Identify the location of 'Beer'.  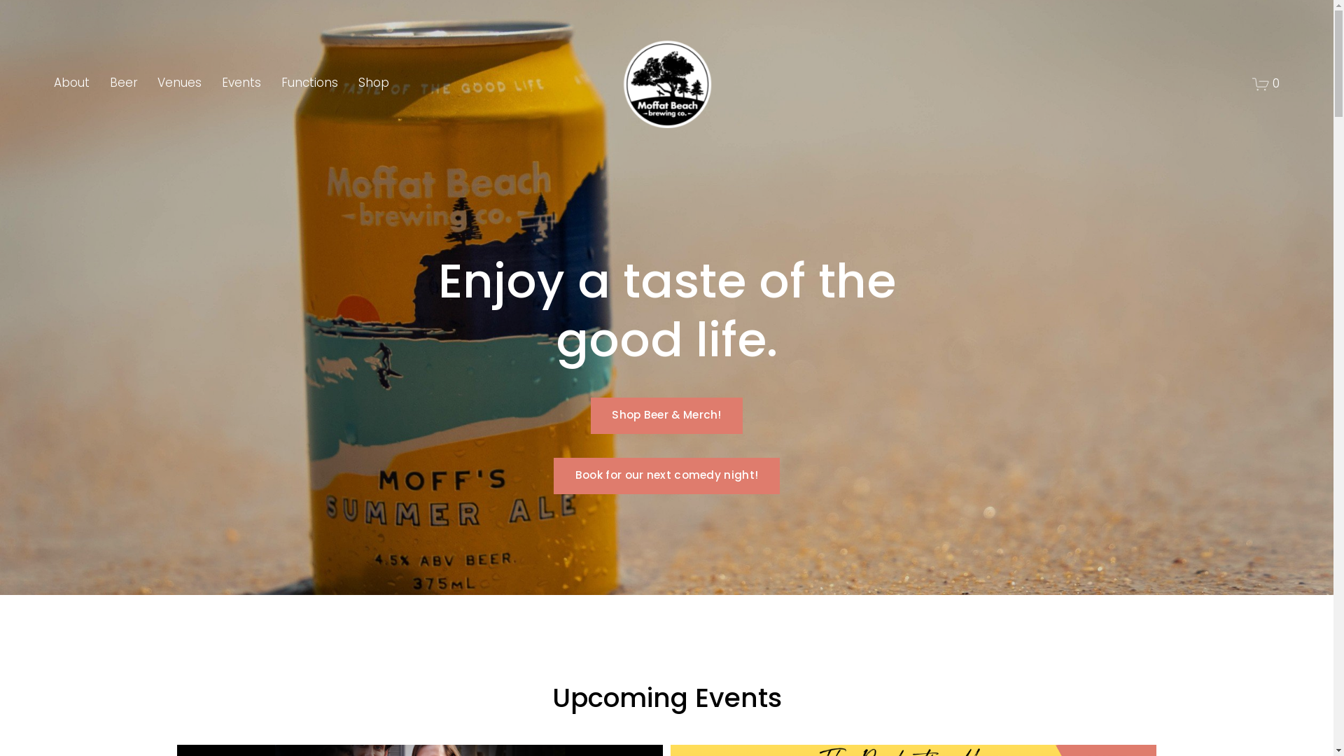
(109, 83).